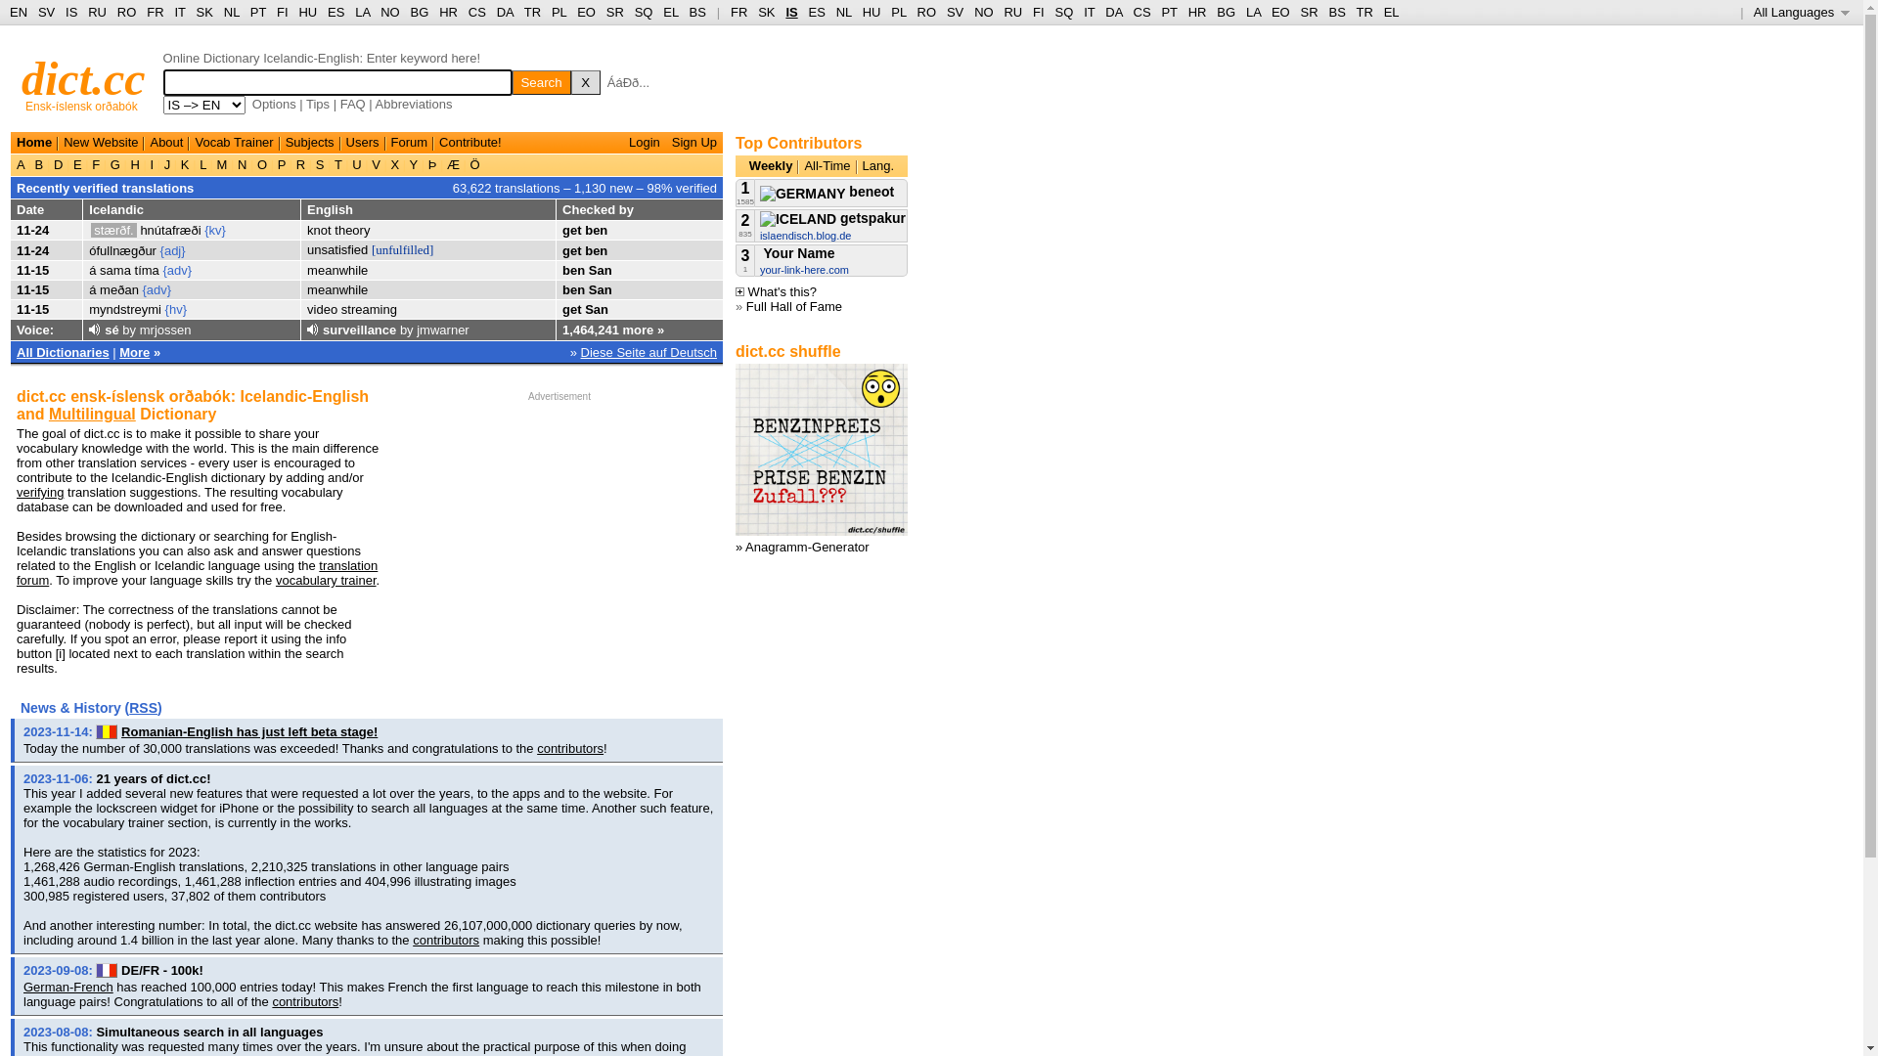  I want to click on 'DA', so click(1113, 12).